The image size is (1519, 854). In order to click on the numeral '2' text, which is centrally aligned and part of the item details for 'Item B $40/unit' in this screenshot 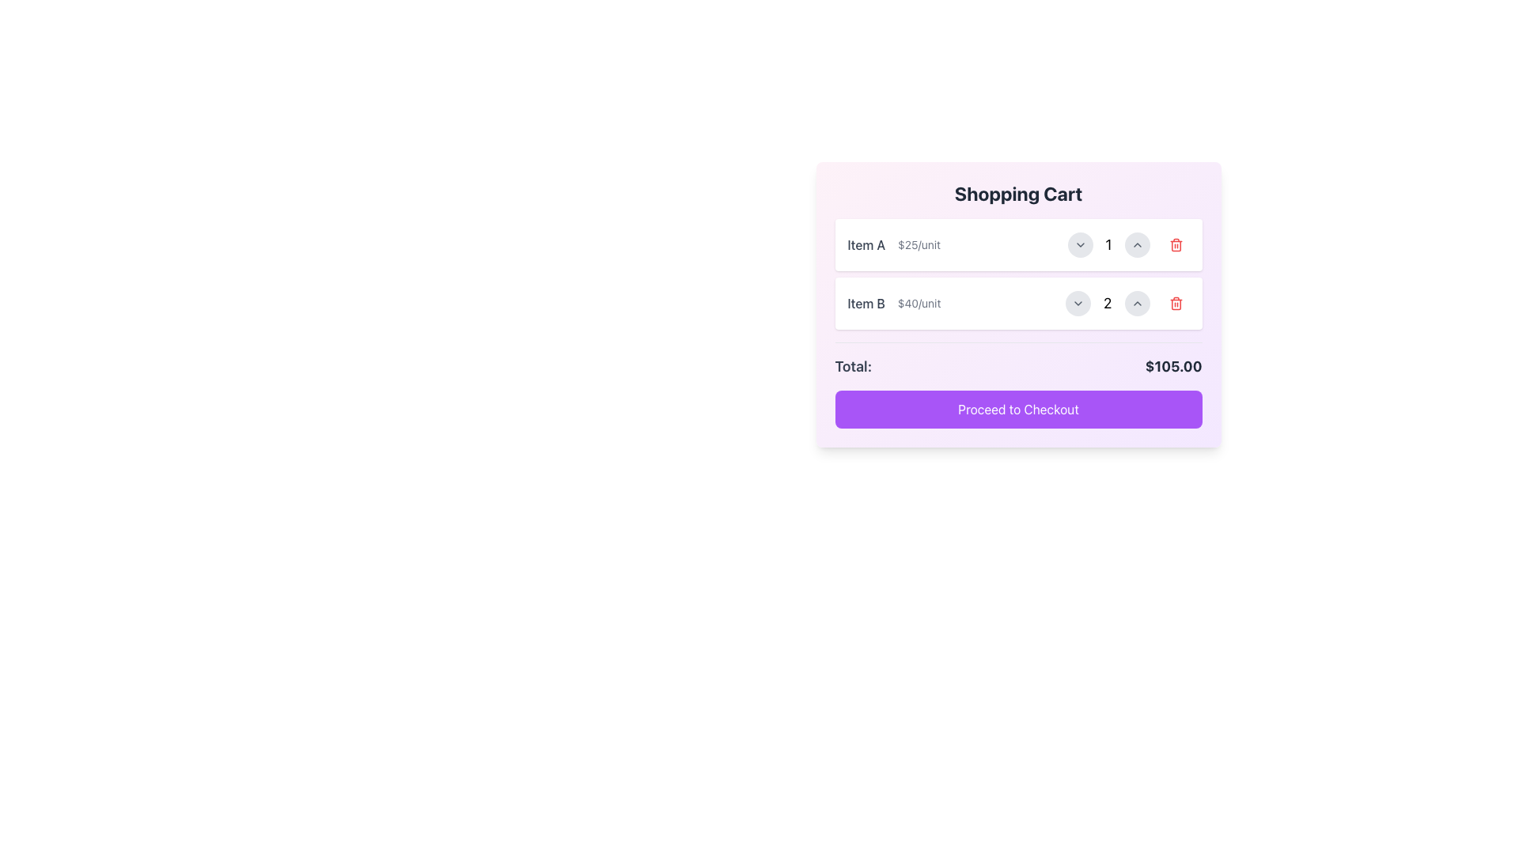, I will do `click(1107, 304)`.